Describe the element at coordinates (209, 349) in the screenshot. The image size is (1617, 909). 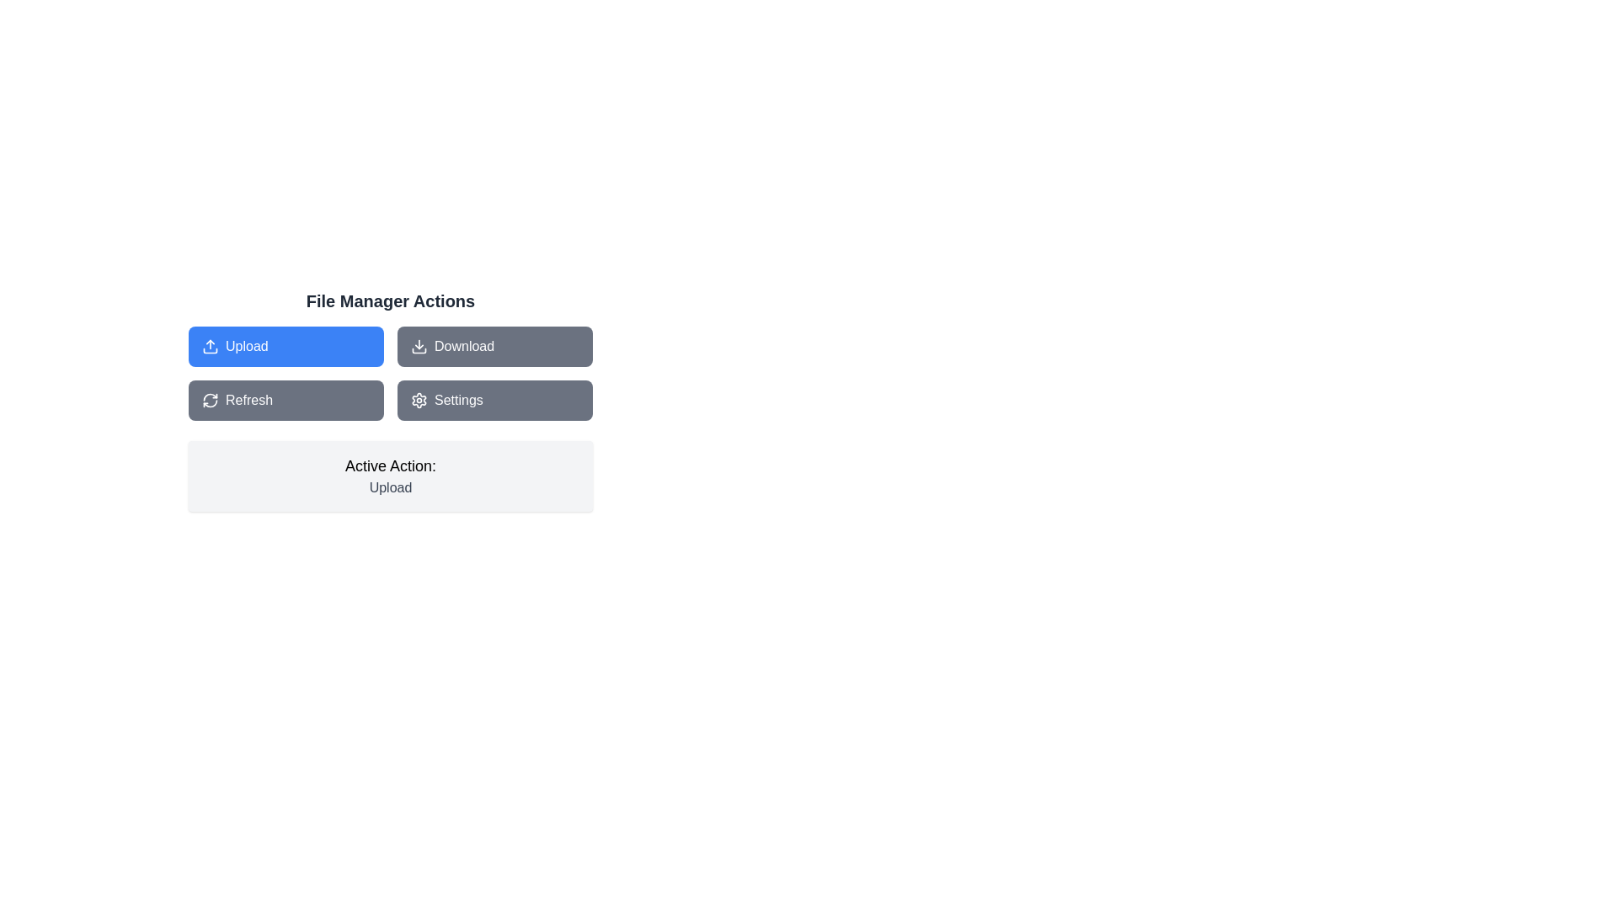
I see `the lower section of the upload icon, which is part of the blue 'Upload' button in the top row of the 'File Manager Actions' section` at that location.